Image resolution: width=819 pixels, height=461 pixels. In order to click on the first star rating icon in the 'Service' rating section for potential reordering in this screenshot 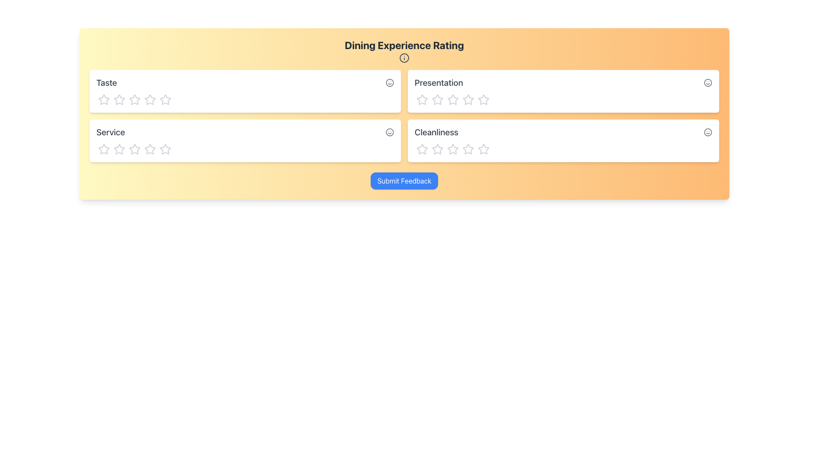, I will do `click(104, 149)`.